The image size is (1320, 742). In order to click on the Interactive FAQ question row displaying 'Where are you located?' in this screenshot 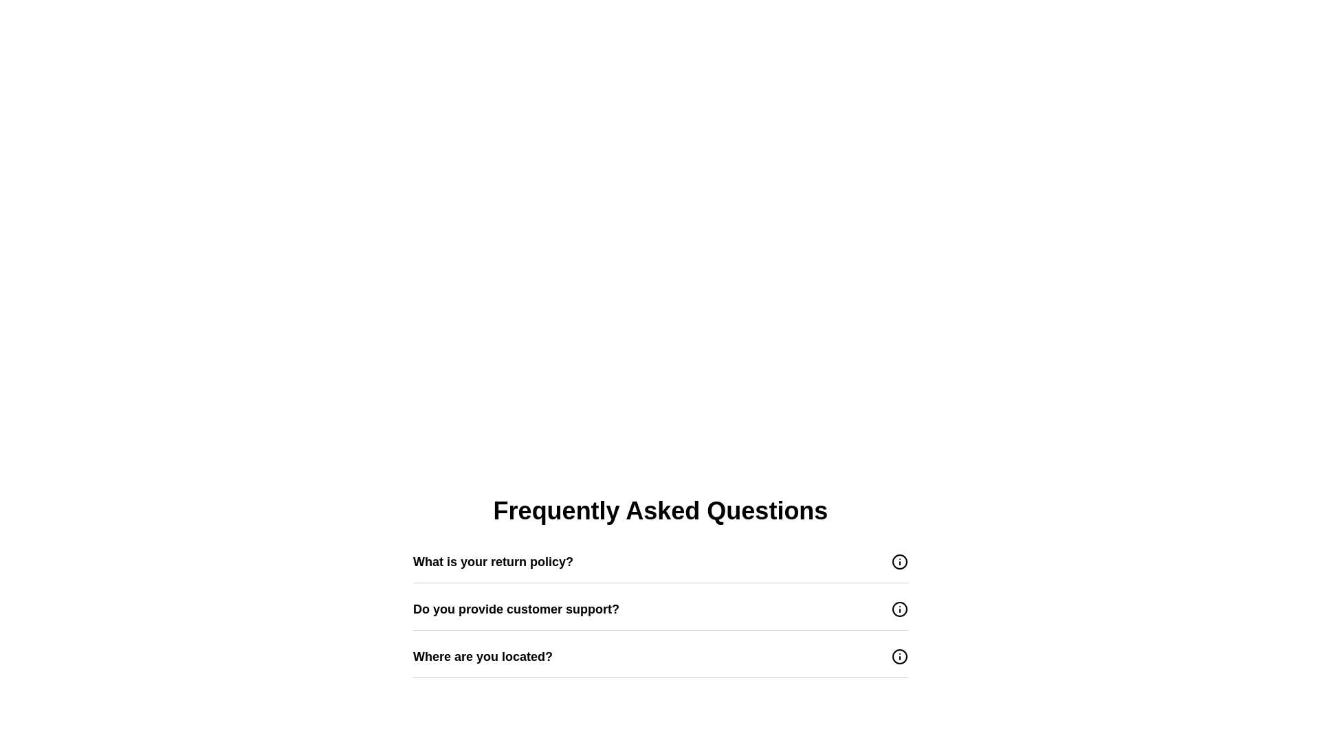, I will do `click(660, 656)`.